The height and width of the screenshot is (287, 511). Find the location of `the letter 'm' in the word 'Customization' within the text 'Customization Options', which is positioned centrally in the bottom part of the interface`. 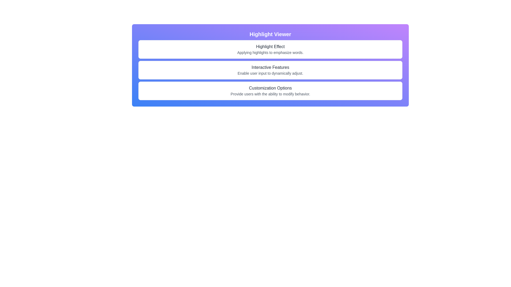

the letter 'm' in the word 'Customization' within the text 'Customization Options', which is positioned centrally in the bottom part of the interface is located at coordinates (262, 88).